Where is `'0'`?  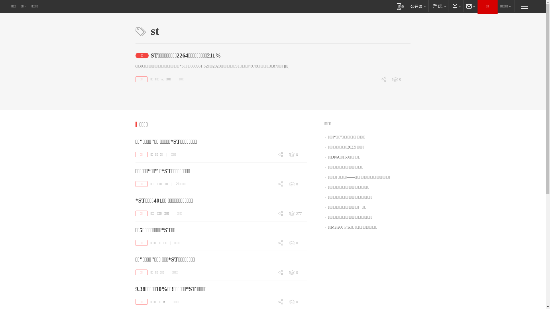
'0' is located at coordinates (297, 184).